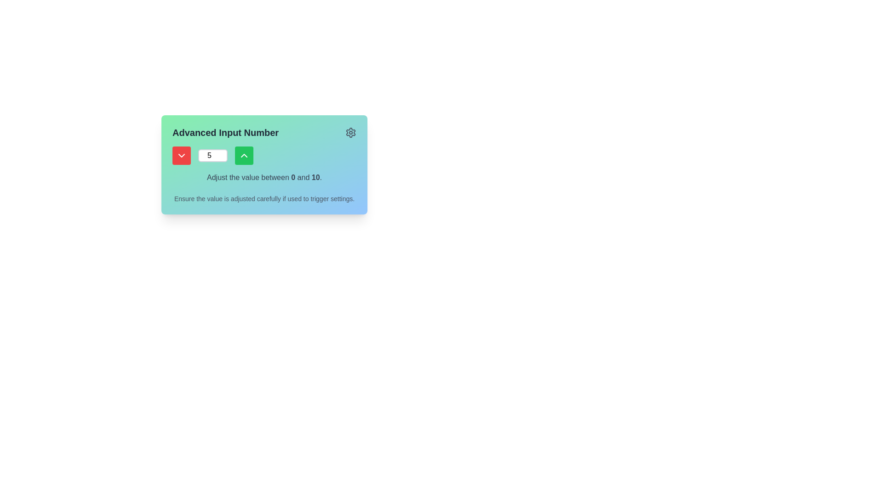 Image resolution: width=883 pixels, height=496 pixels. Describe the element at coordinates (181, 155) in the screenshot. I see `the small rectangular button with a red background and a downward-pointing chevron icon` at that location.